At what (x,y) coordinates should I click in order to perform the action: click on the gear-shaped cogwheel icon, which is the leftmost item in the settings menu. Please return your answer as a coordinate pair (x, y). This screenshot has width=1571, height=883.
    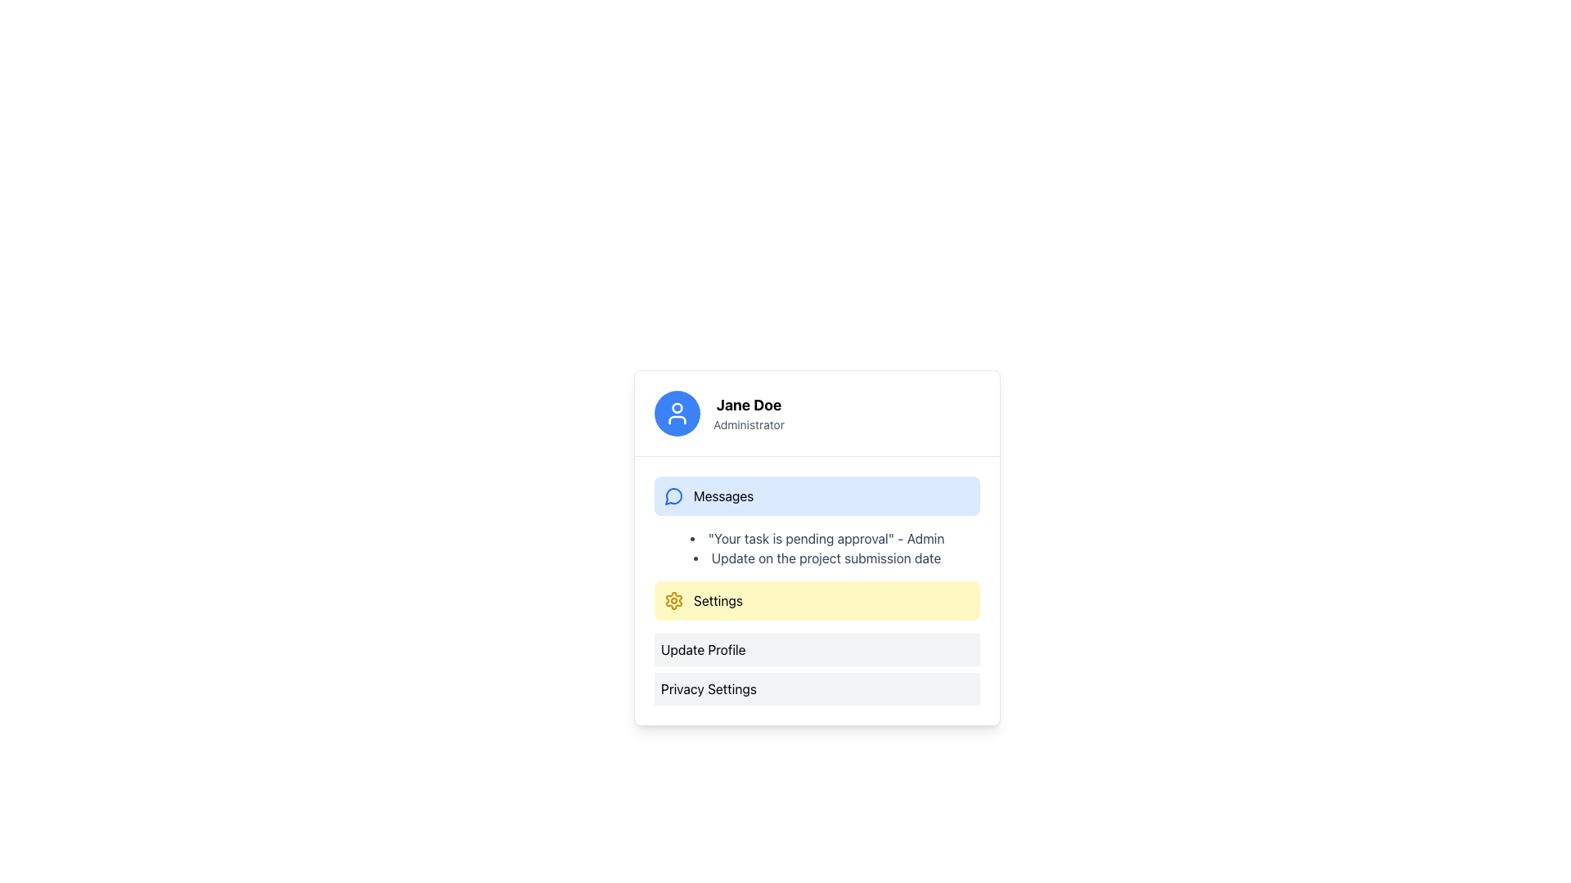
    Looking at the image, I should click on (674, 601).